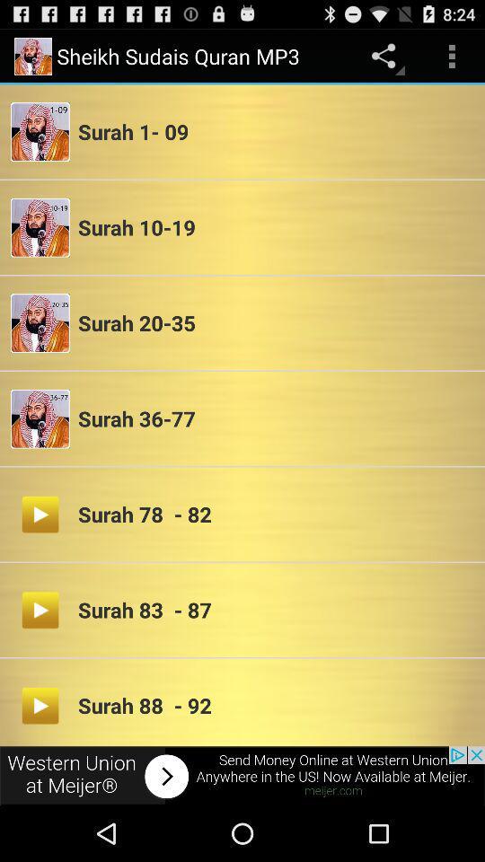 The image size is (485, 862). Describe the element at coordinates (242, 775) in the screenshot. I see `advertisement link` at that location.